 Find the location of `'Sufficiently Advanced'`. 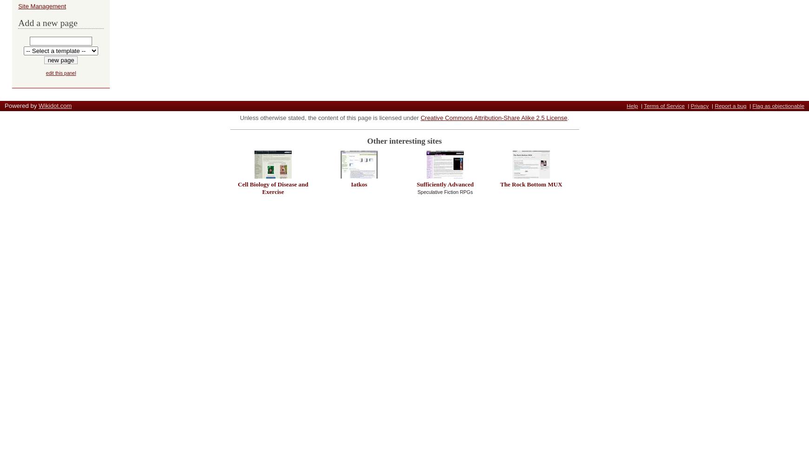

'Sufficiently Advanced' is located at coordinates (445, 184).